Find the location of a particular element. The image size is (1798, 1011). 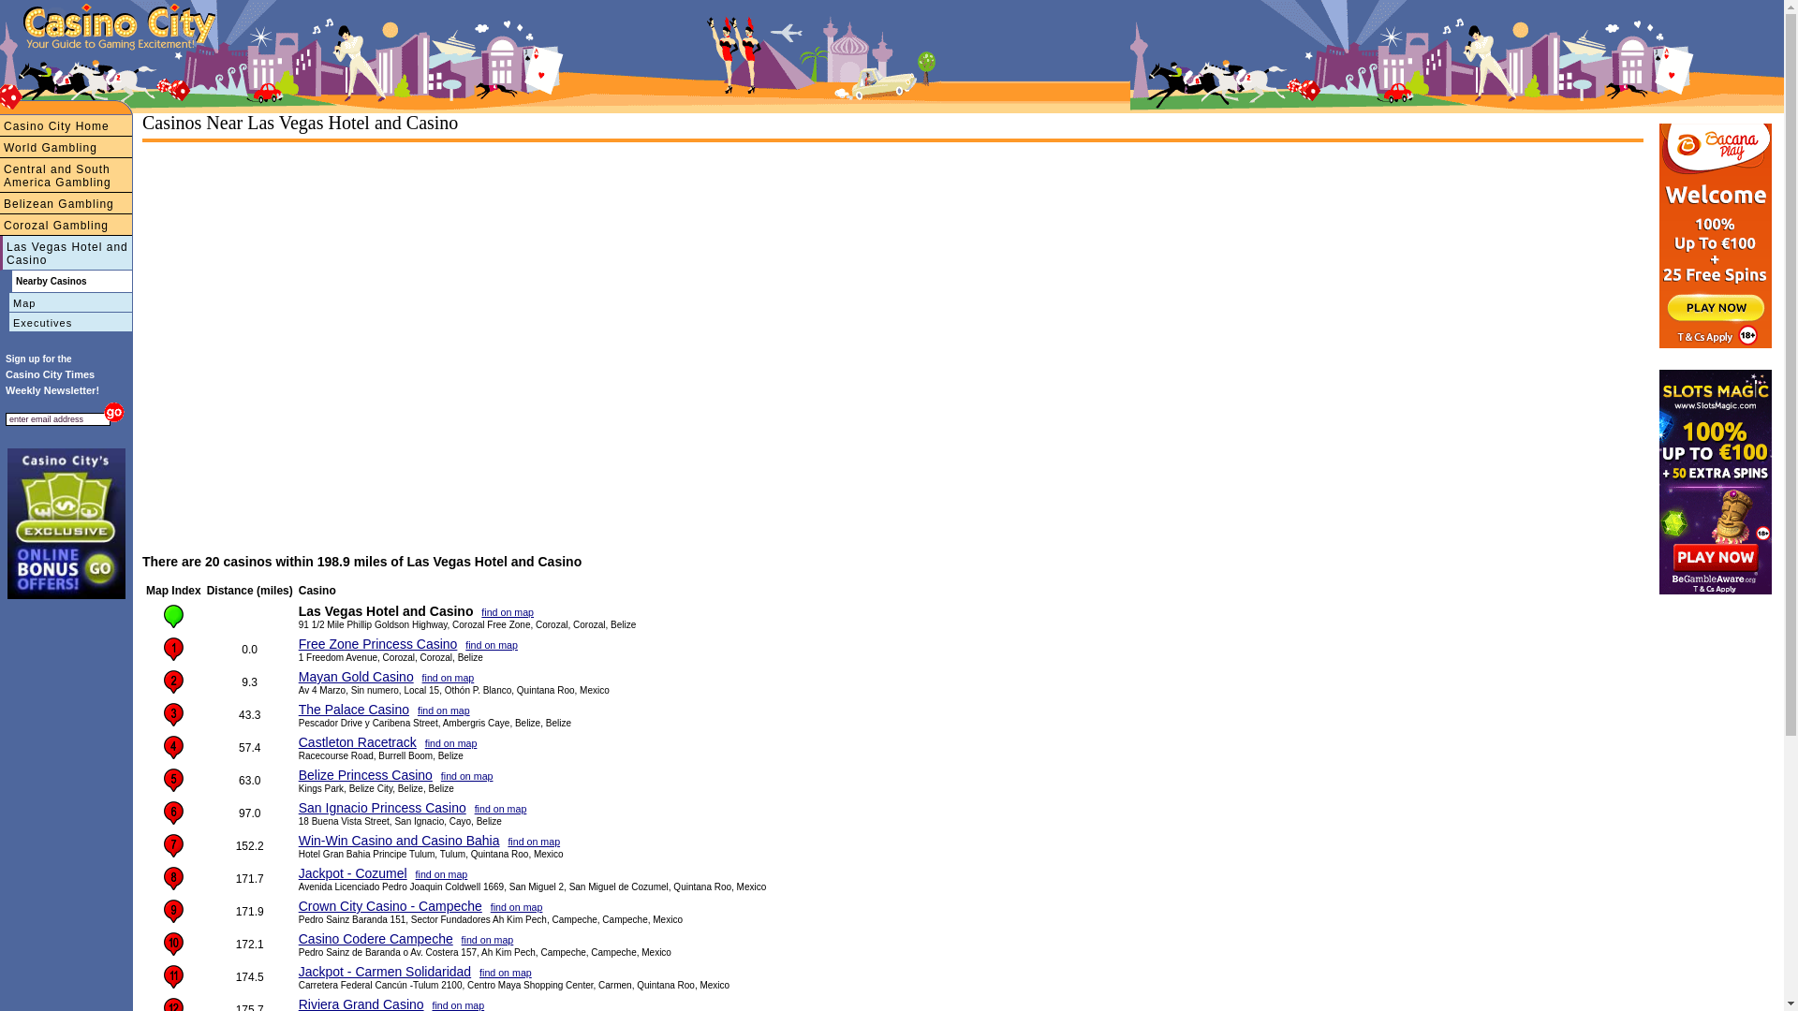

'Casino City Home' is located at coordinates (66, 125).